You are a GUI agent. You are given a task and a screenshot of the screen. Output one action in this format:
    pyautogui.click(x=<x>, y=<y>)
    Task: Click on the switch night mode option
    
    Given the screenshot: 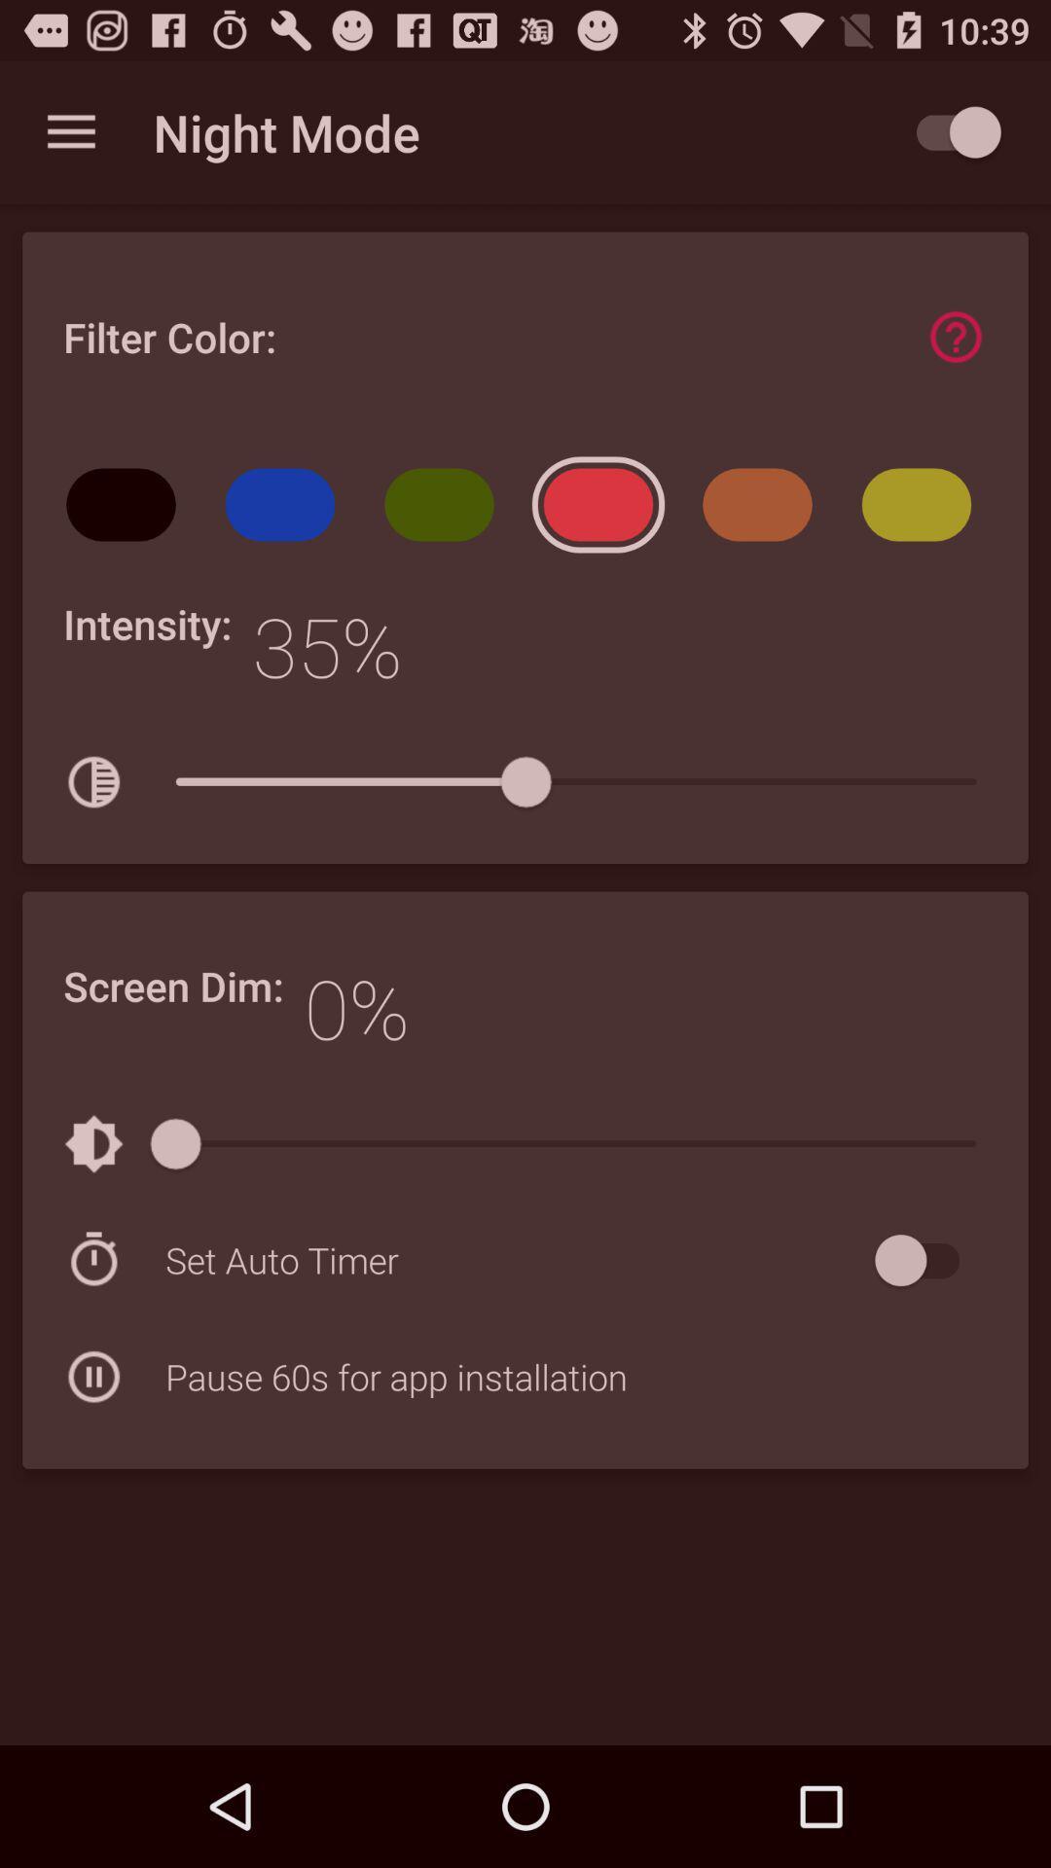 What is the action you would take?
    pyautogui.click(x=948, y=131)
    